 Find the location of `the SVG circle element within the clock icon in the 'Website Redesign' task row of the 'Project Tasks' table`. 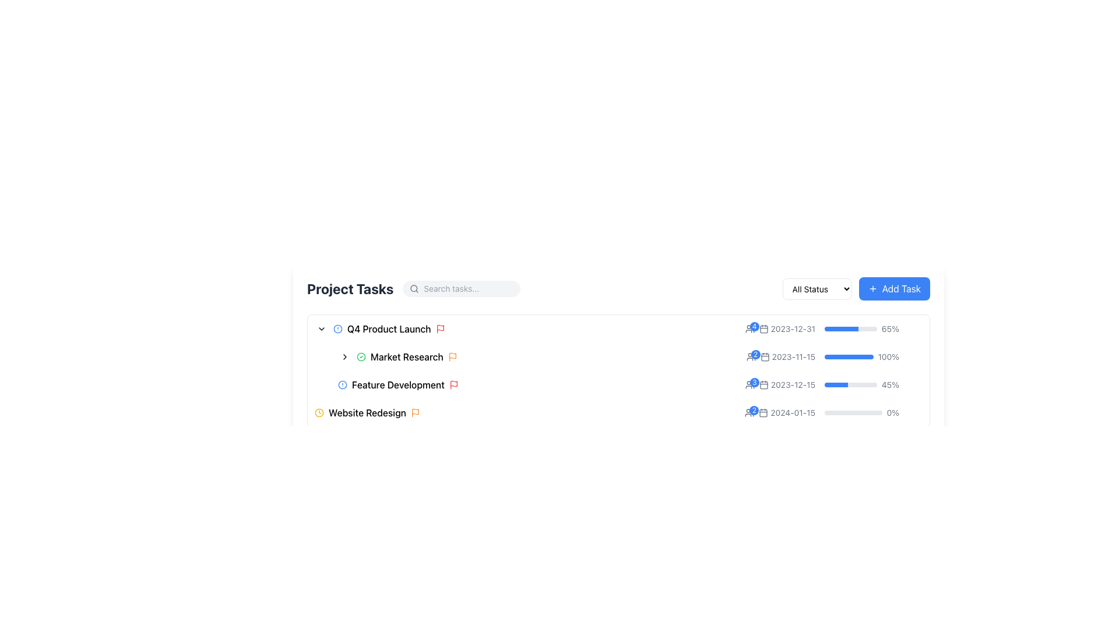

the SVG circle element within the clock icon in the 'Website Redesign' task row of the 'Project Tasks' table is located at coordinates (319, 412).